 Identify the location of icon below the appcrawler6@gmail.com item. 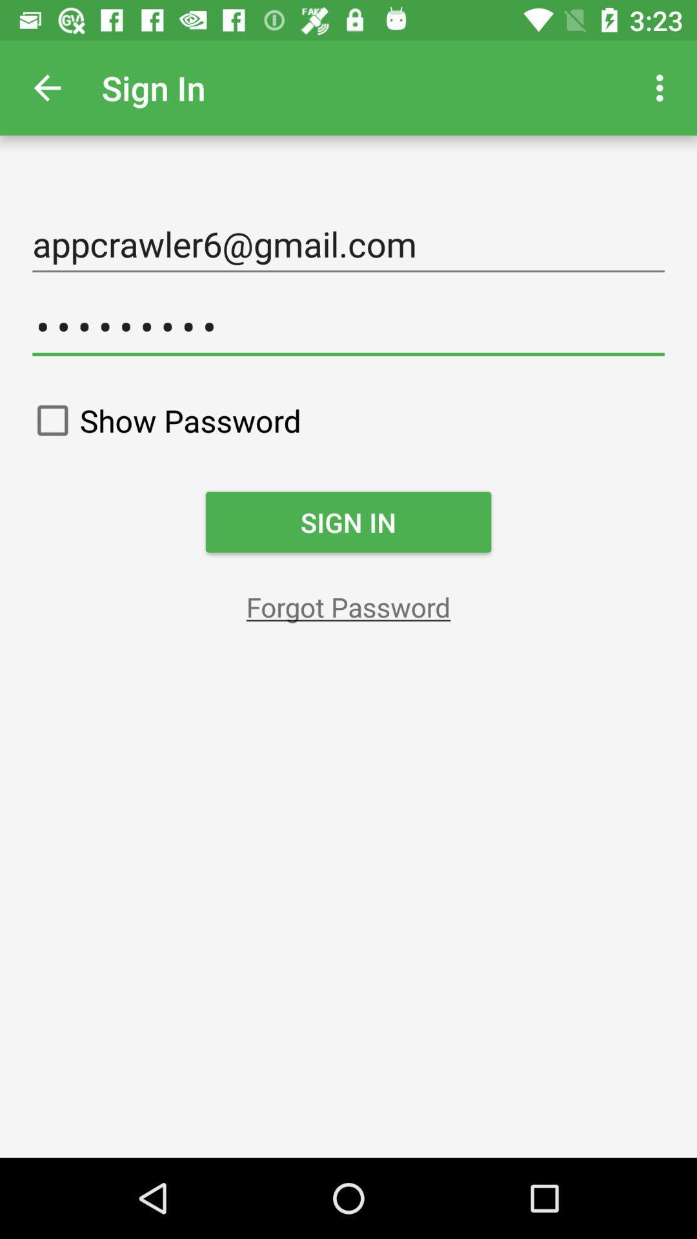
(348, 327).